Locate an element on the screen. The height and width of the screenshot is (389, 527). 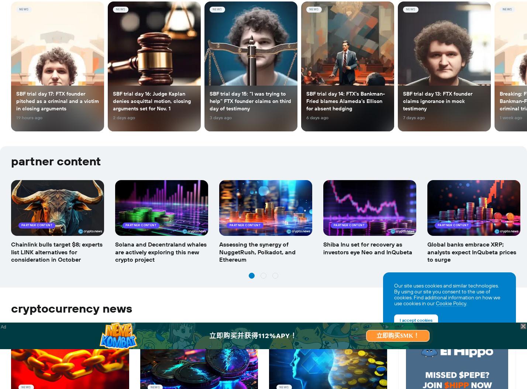
'Info' is located at coordinates (11, 60).